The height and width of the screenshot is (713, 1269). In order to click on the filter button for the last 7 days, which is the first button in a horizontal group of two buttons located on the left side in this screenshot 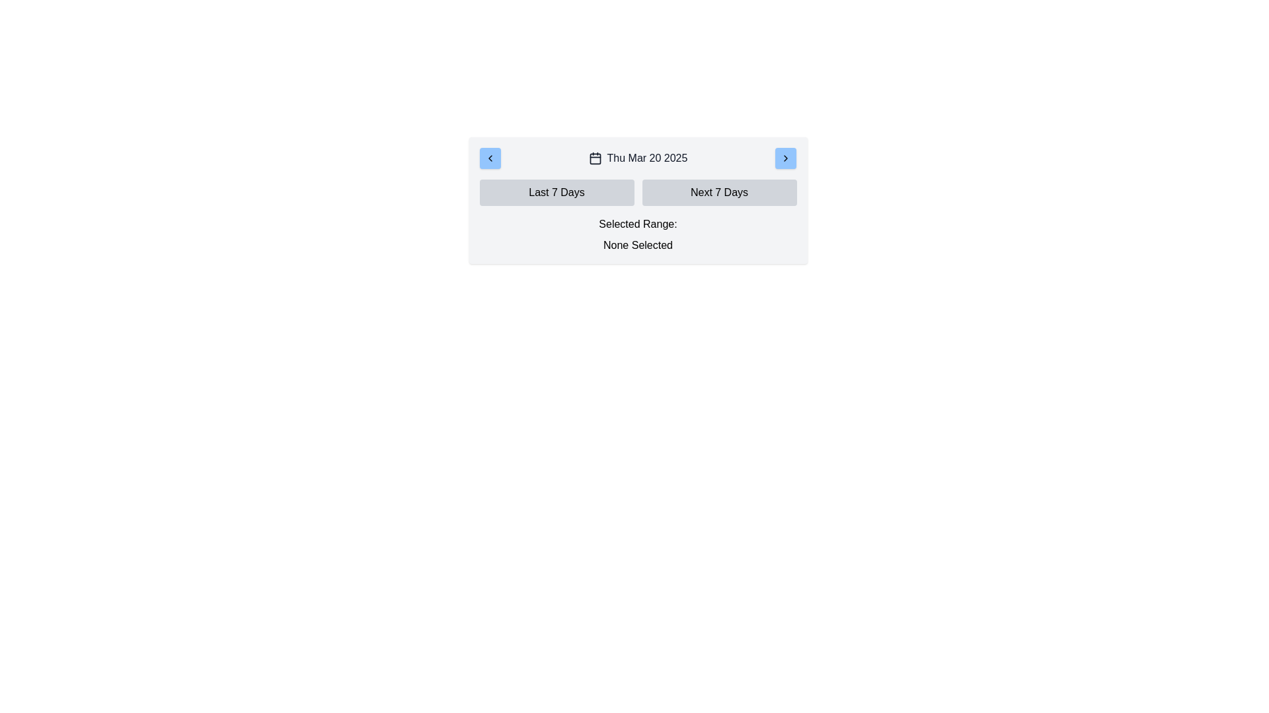, I will do `click(557, 193)`.